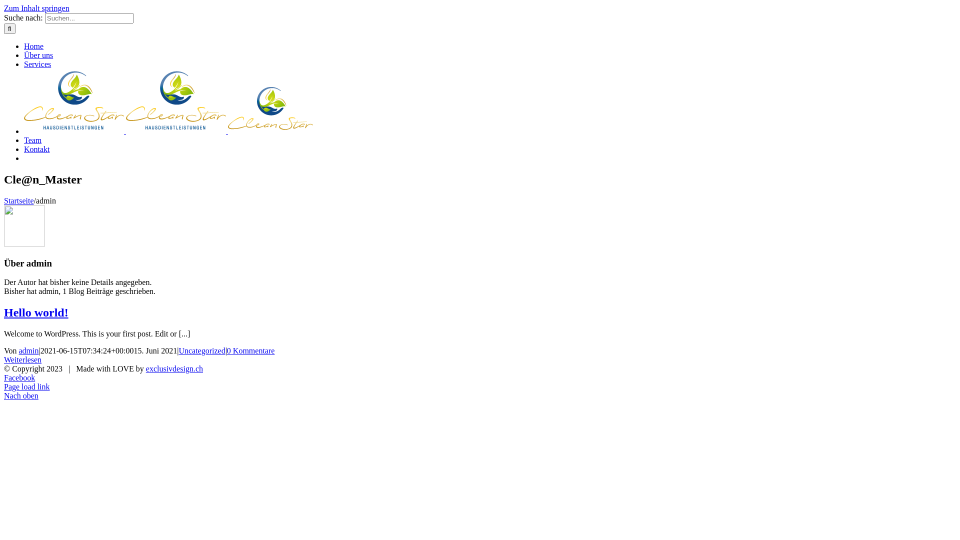 Image resolution: width=960 pixels, height=540 pixels. Describe the element at coordinates (19, 200) in the screenshot. I see `'Startseite'` at that location.